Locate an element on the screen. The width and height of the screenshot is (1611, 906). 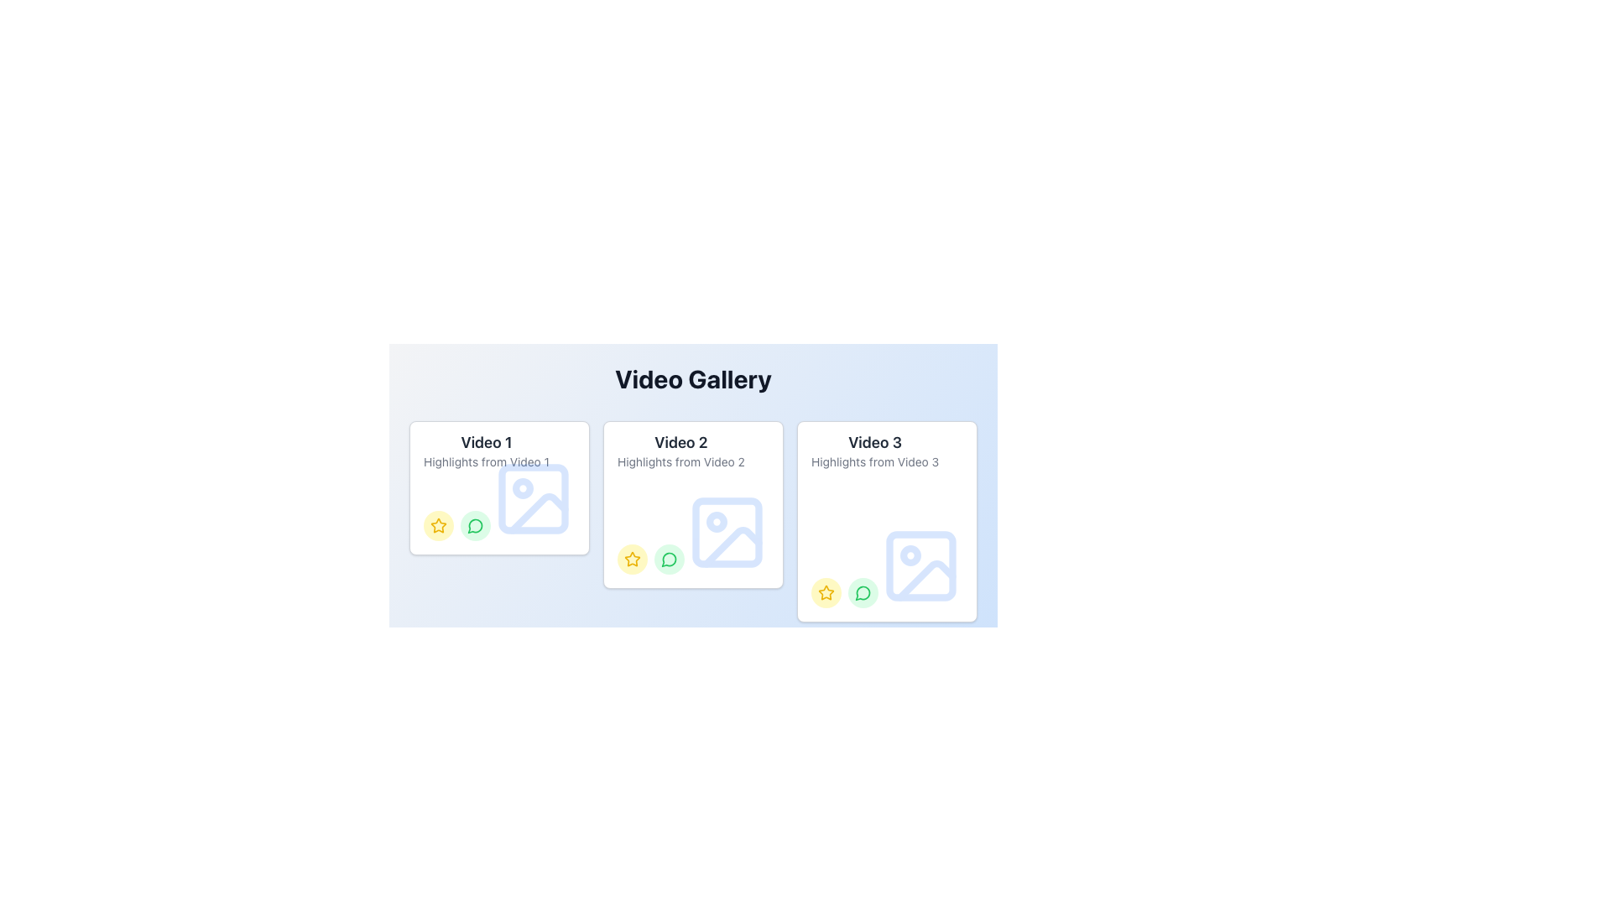
the messaging or comment button located below the 'Video 1' card in the 'Video Gallery' section, positioned to the right of the yellow star icon is located at coordinates (474, 525).